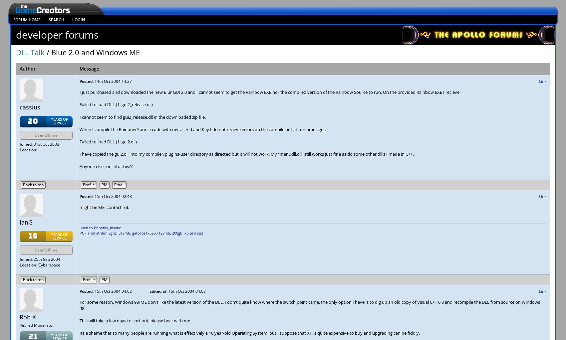 The width and height of the screenshot is (566, 340). What do you see at coordinates (27, 69) in the screenshot?
I see `'Author'` at bounding box center [27, 69].